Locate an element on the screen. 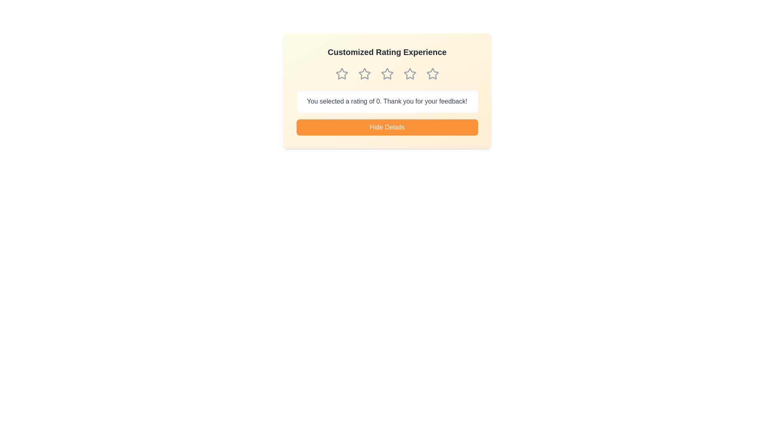  the star corresponding to the desired rating 1 is located at coordinates (342, 74).